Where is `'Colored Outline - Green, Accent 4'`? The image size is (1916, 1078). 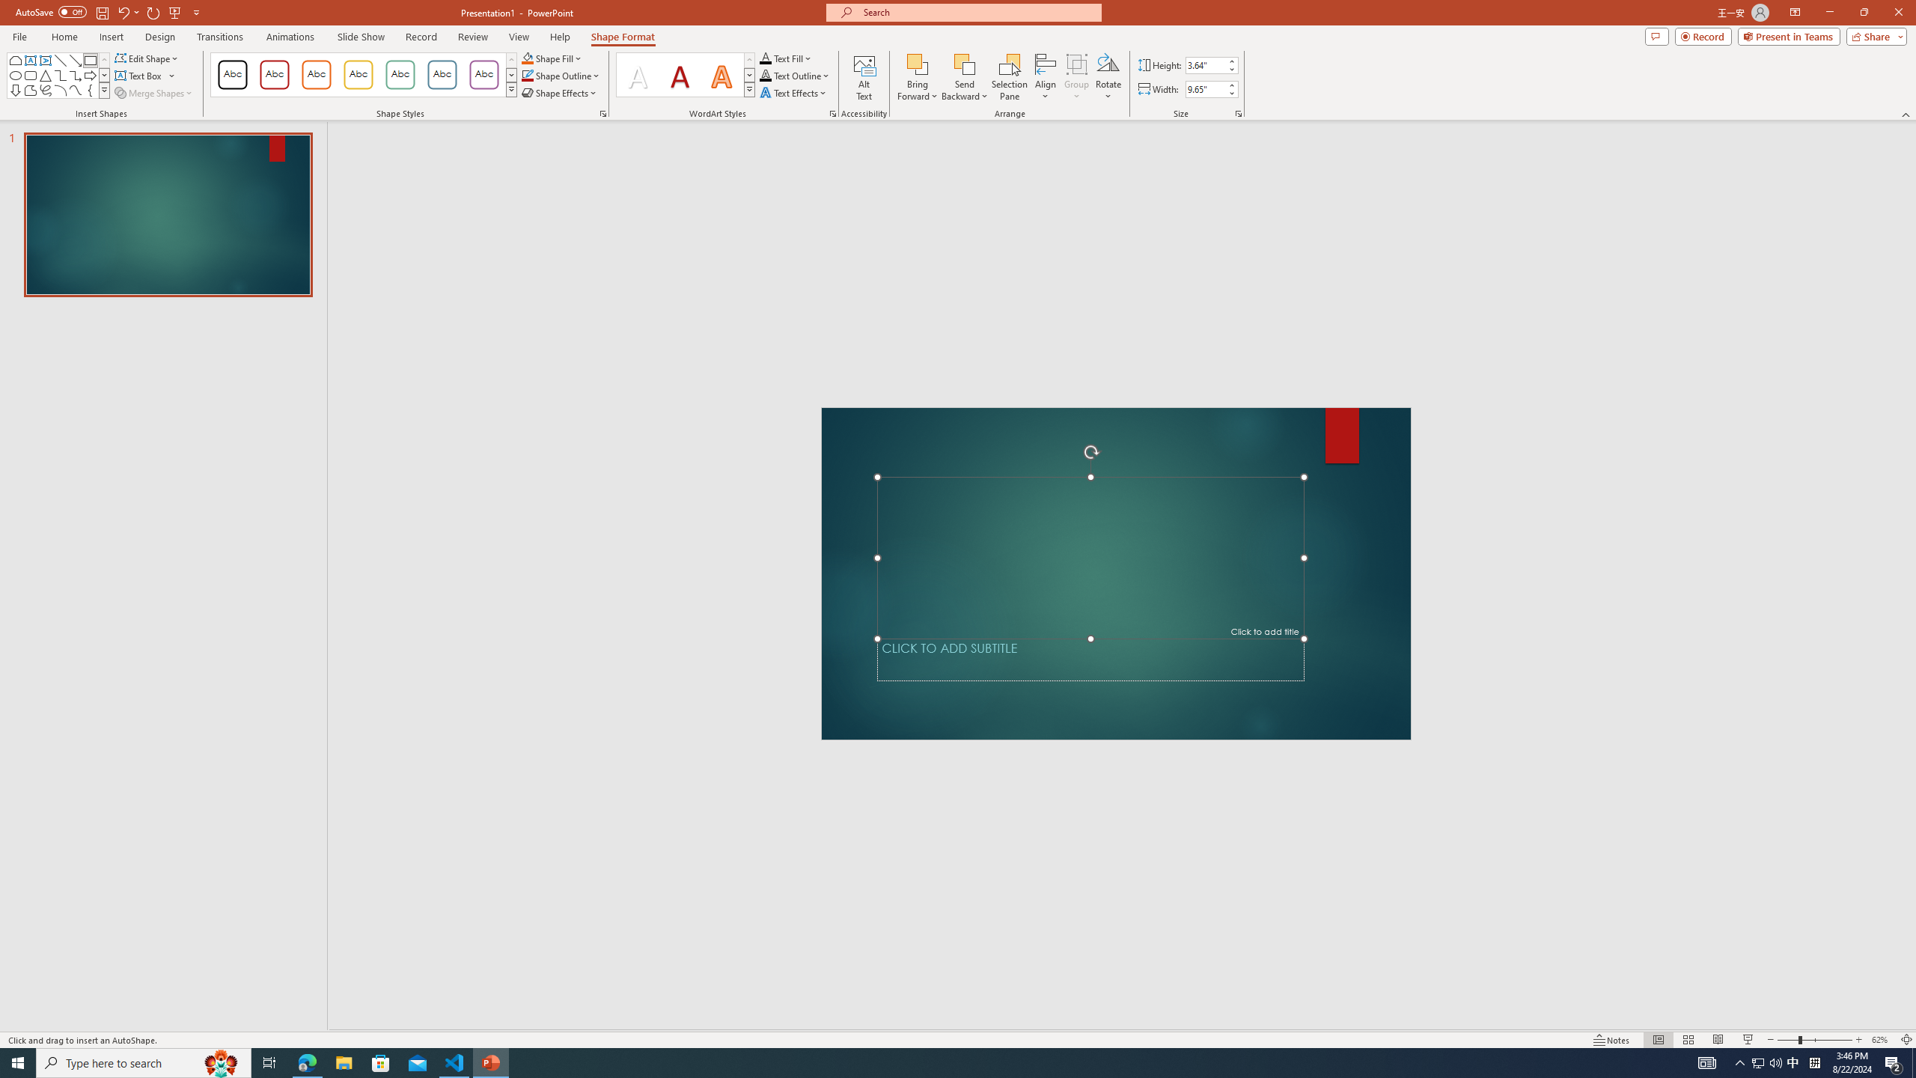
'Colored Outline - Green, Accent 4' is located at coordinates (400, 74).